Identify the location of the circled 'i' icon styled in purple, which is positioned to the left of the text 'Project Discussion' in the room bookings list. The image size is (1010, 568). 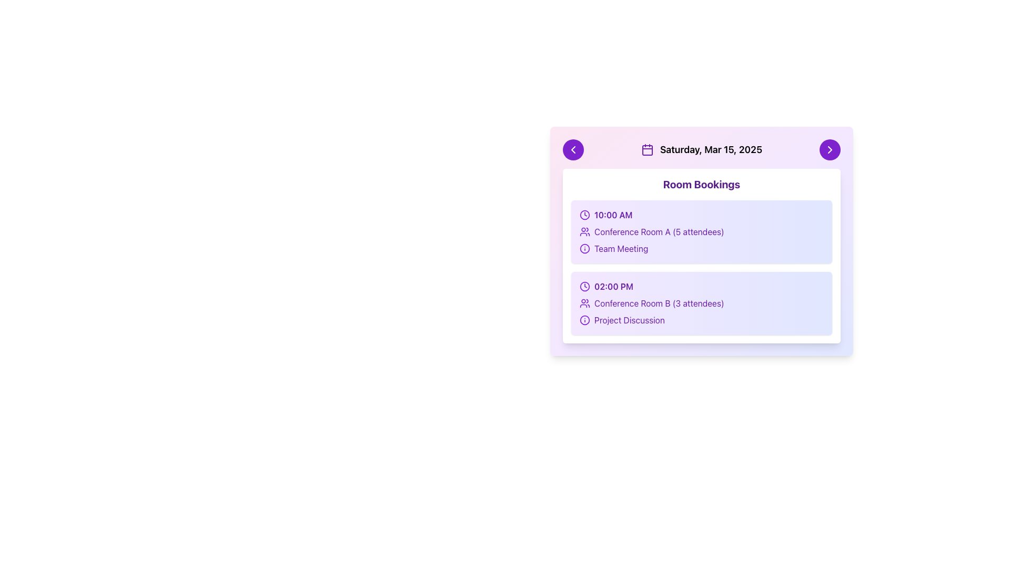
(584, 320).